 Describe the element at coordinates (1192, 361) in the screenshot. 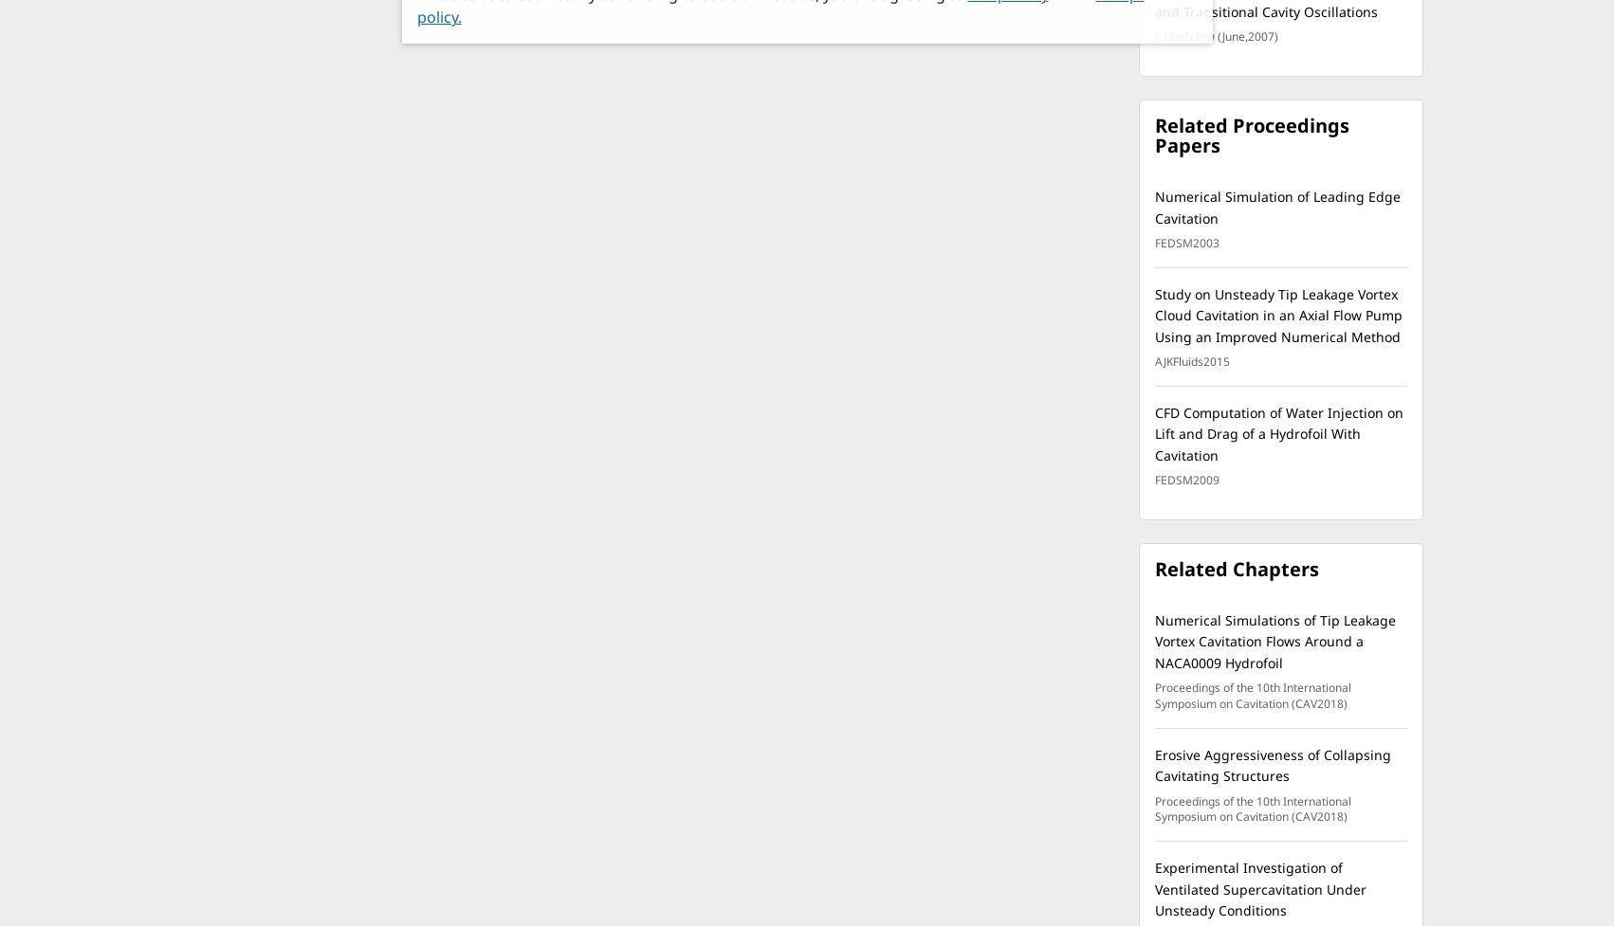

I see `'AJKFluids2015'` at that location.